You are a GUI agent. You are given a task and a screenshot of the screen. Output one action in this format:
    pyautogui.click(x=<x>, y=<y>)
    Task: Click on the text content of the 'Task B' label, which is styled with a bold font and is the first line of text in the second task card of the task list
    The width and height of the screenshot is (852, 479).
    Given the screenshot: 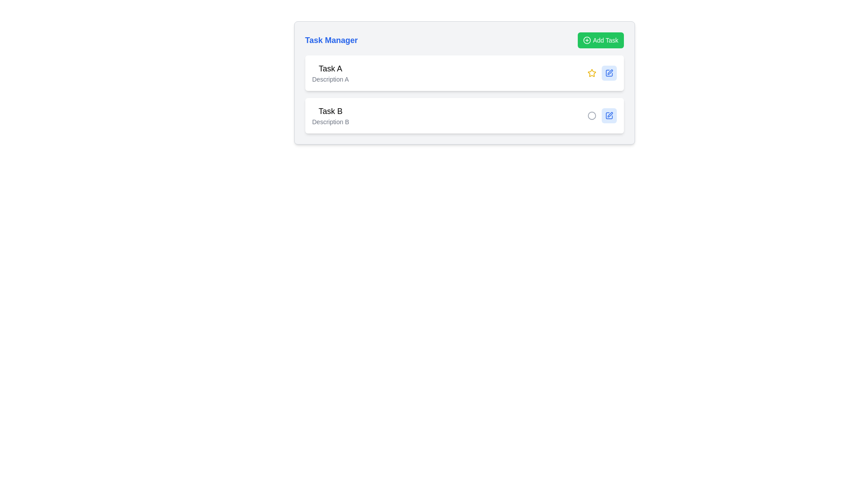 What is the action you would take?
    pyautogui.click(x=330, y=110)
    